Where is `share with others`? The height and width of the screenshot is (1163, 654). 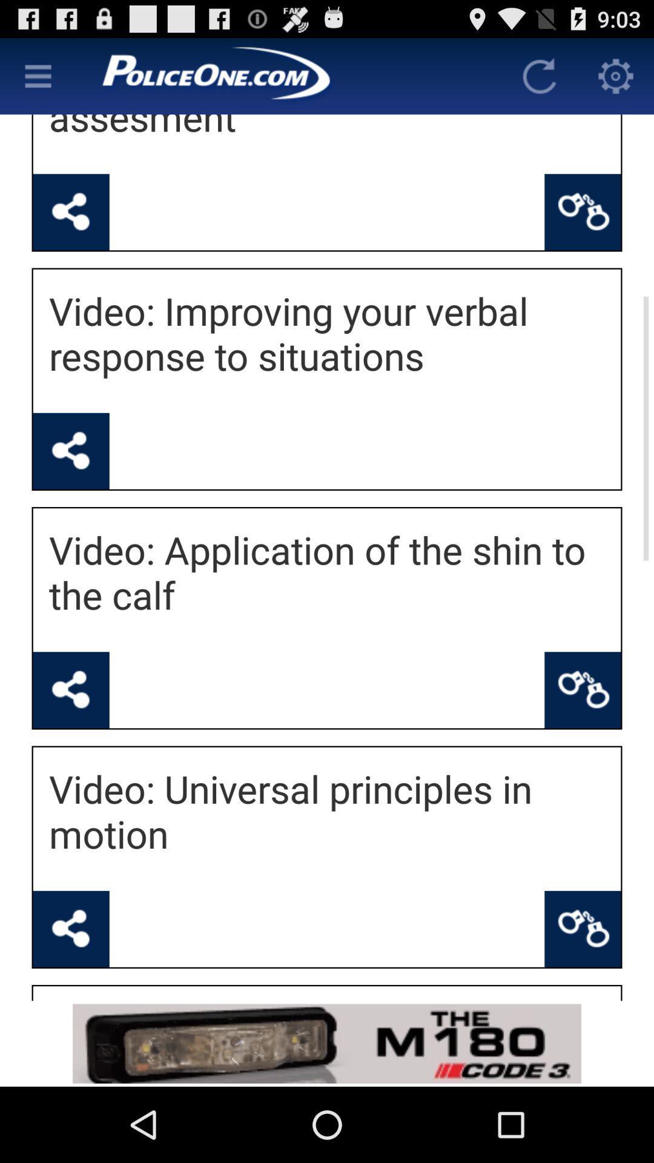 share with others is located at coordinates (71, 212).